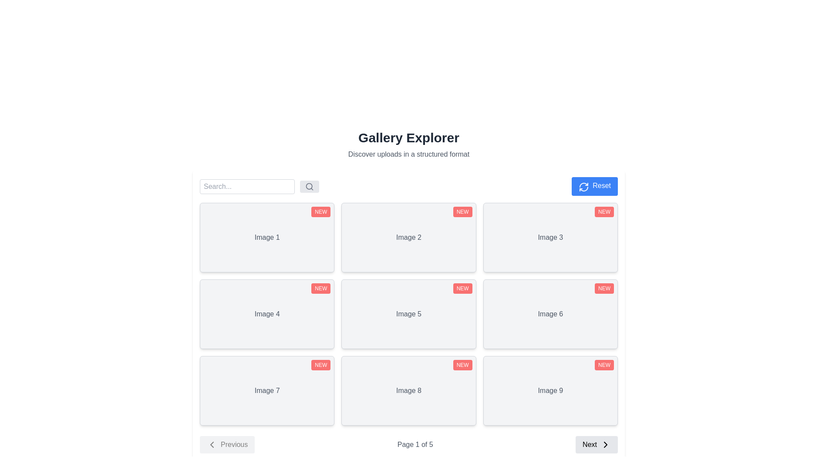 The width and height of the screenshot is (836, 470). Describe the element at coordinates (594, 186) in the screenshot. I see `the blue rectangular 'Reset' button with white text and a refresh icon located in the top-right corner of the layout` at that location.